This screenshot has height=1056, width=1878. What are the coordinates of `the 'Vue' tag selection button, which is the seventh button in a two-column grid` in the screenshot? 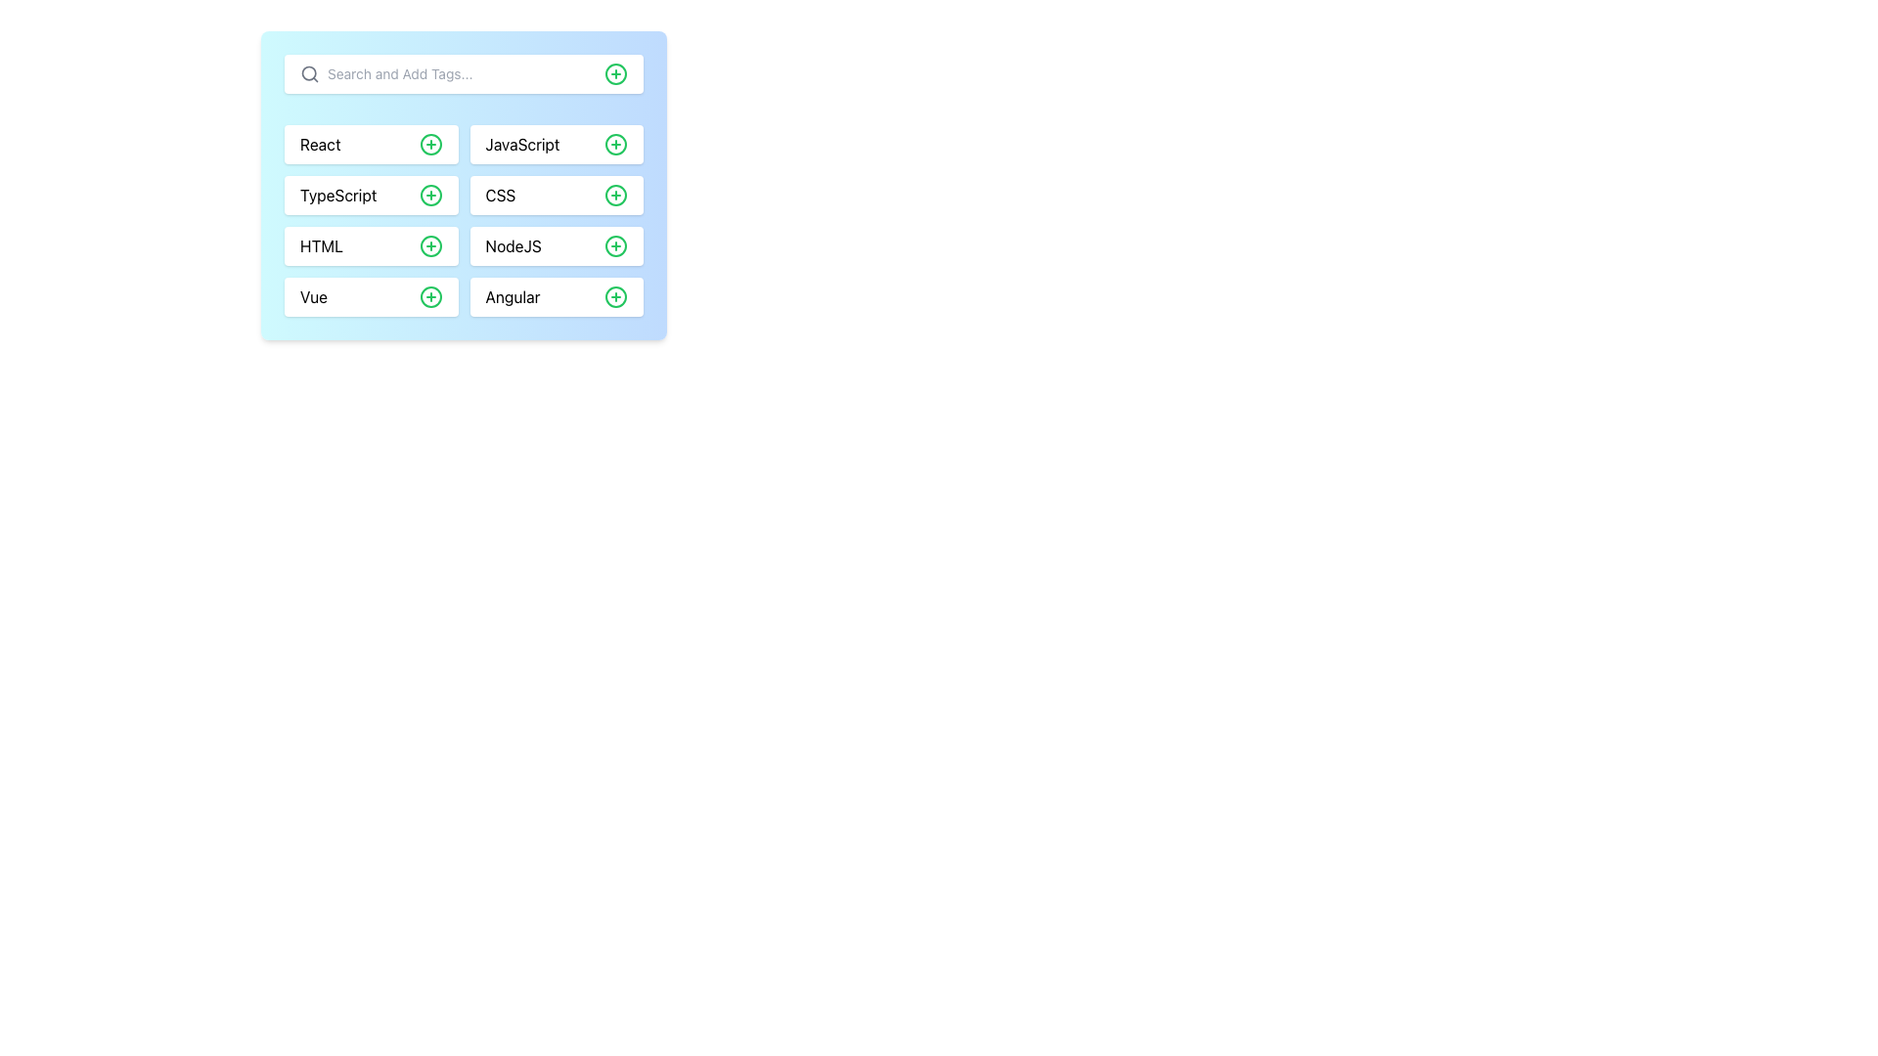 It's located at (371, 297).